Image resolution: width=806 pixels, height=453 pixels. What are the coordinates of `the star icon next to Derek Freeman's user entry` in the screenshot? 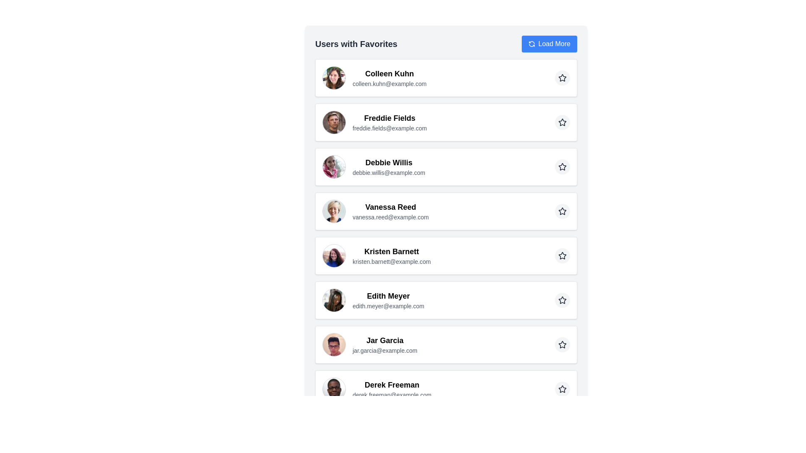 It's located at (562, 389).